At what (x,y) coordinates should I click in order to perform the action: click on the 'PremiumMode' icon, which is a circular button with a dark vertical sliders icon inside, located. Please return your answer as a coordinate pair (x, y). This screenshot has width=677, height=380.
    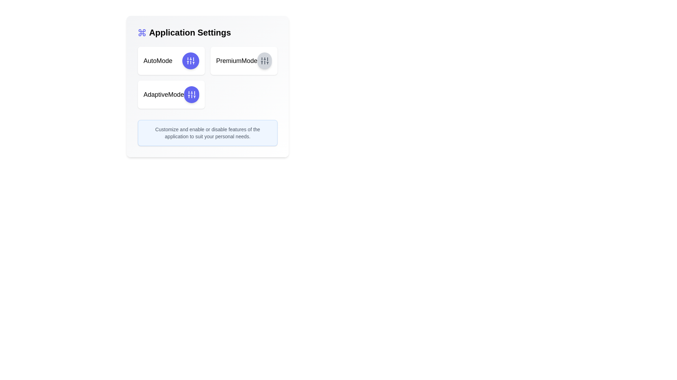
    Looking at the image, I should click on (264, 61).